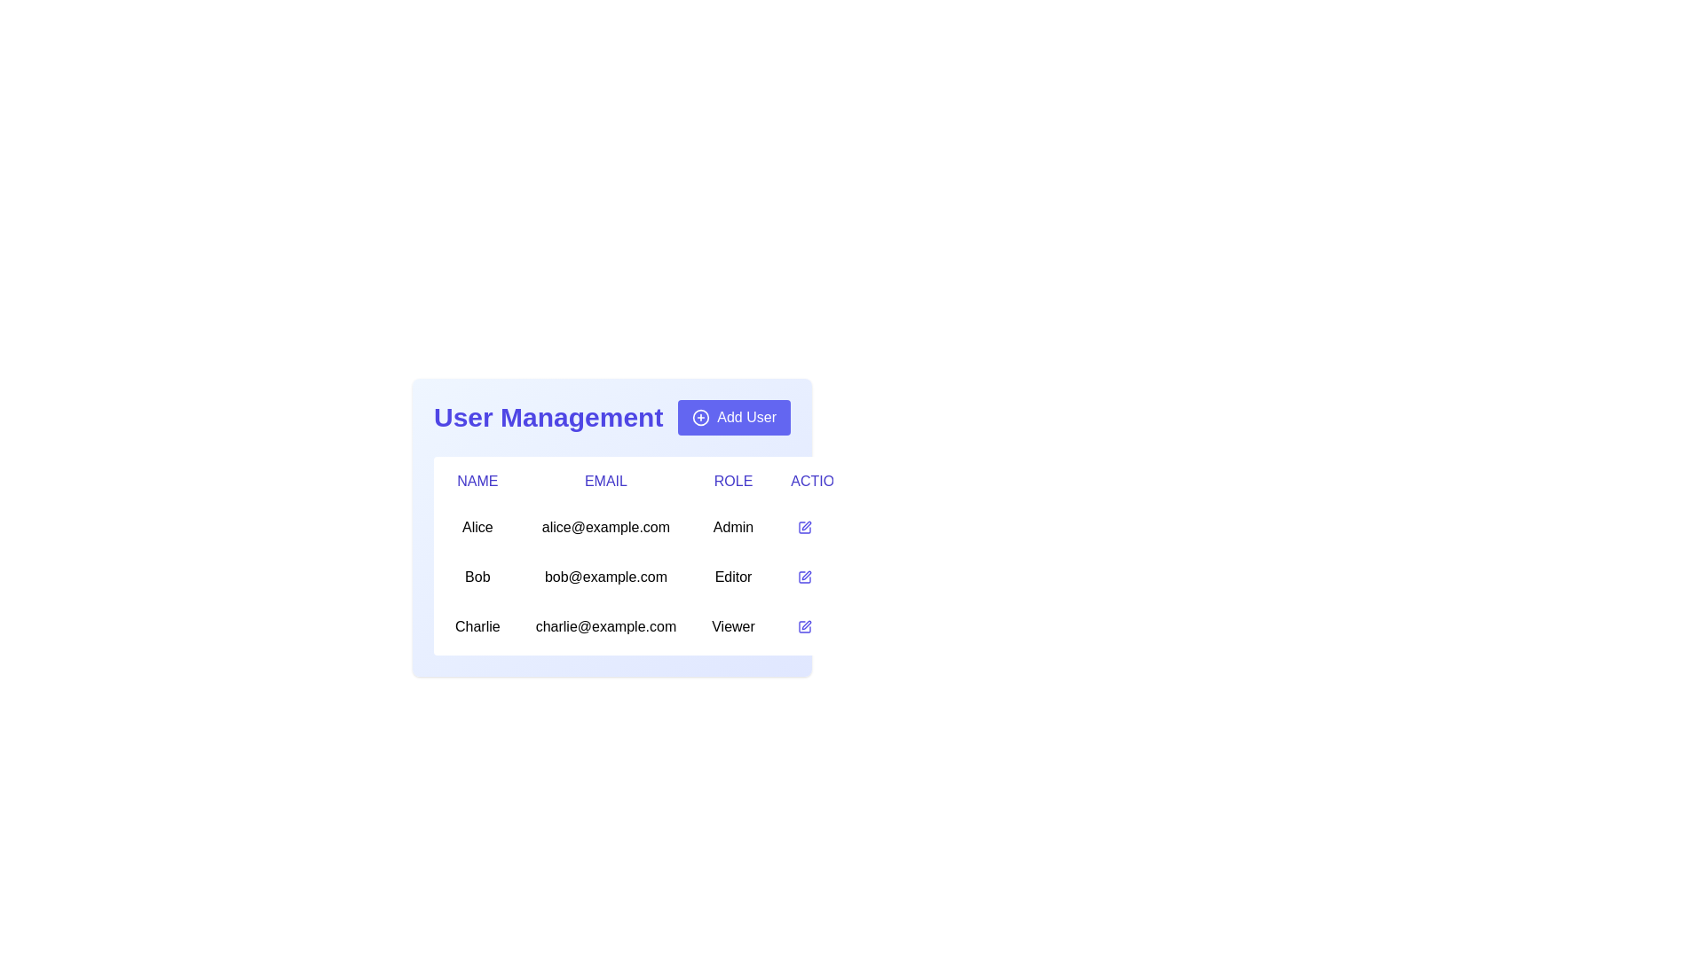  Describe the element at coordinates (653, 625) in the screenshot. I see `the pencil icon in the third row of the user management table` at that location.